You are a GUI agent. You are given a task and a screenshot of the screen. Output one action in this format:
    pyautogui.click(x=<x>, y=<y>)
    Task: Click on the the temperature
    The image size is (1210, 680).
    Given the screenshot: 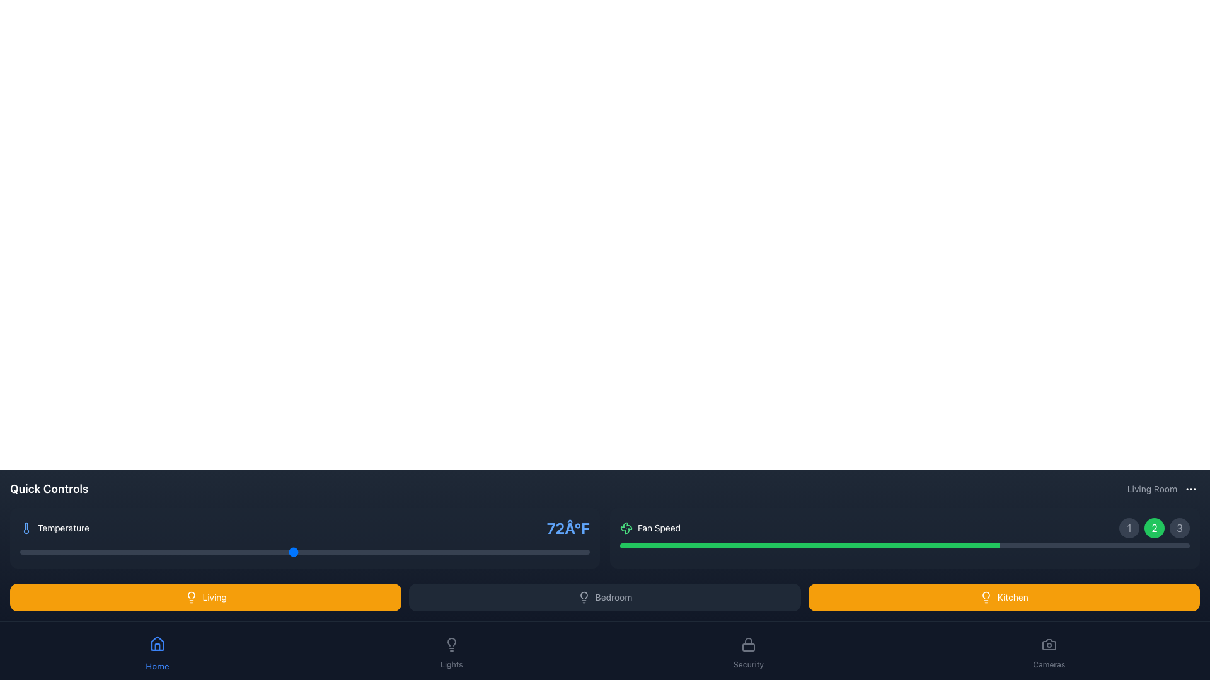 What is the action you would take?
    pyautogui.click(x=134, y=551)
    